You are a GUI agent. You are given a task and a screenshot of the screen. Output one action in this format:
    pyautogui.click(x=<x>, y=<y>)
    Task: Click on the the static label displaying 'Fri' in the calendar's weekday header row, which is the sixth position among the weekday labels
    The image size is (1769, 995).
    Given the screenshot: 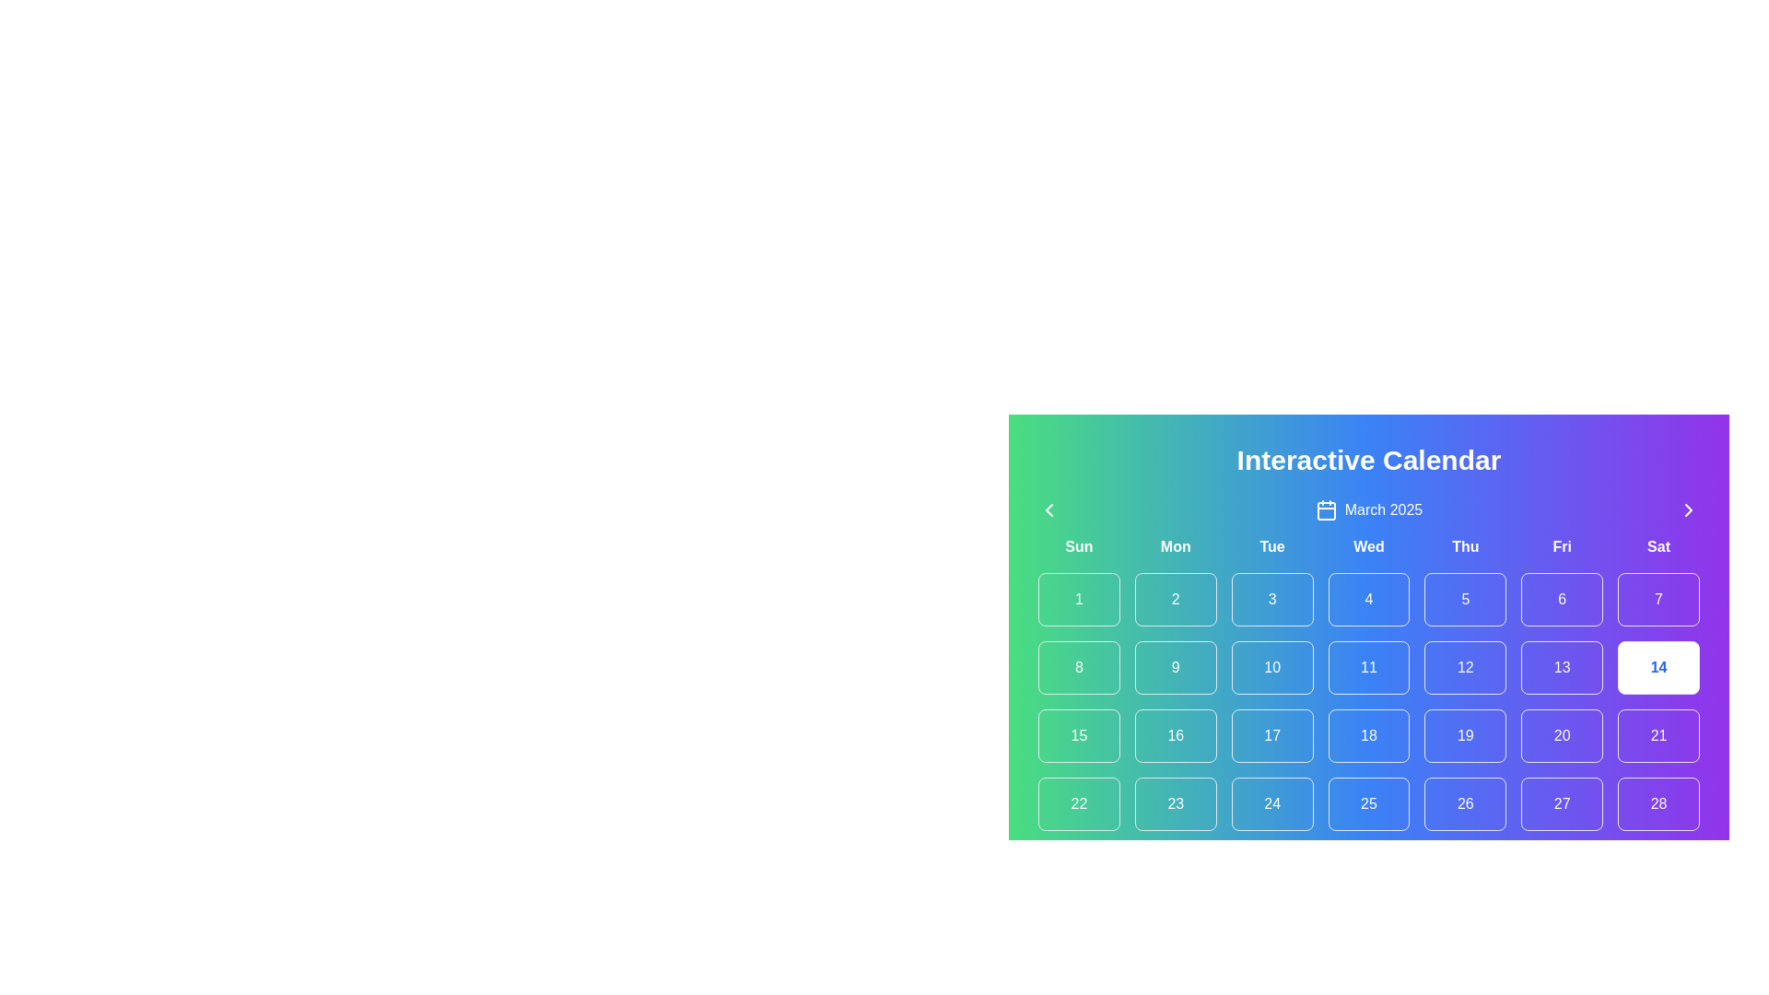 What is the action you would take?
    pyautogui.click(x=1561, y=546)
    